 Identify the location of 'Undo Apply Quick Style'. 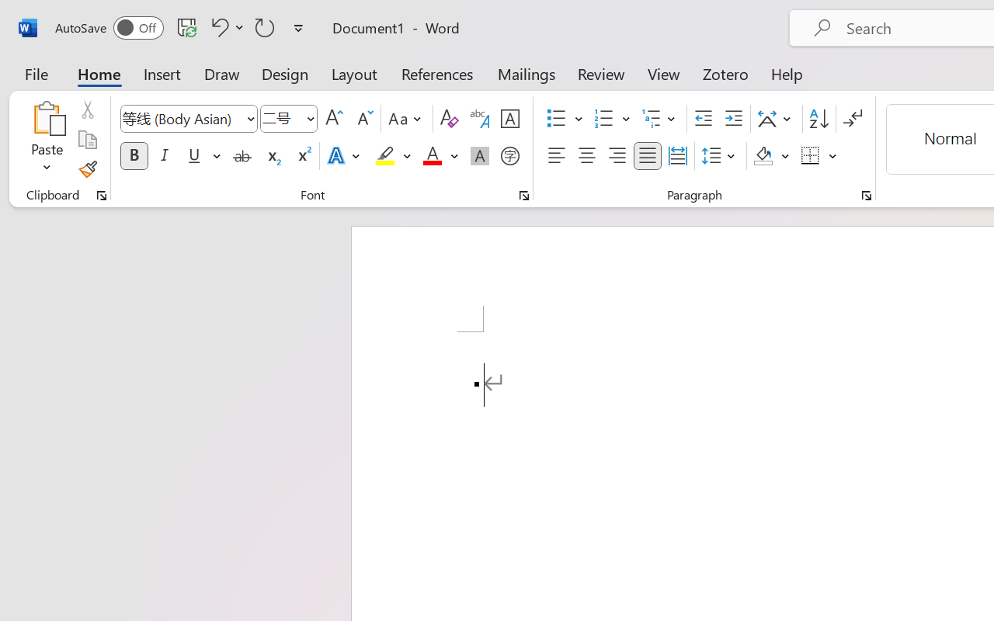
(217, 26).